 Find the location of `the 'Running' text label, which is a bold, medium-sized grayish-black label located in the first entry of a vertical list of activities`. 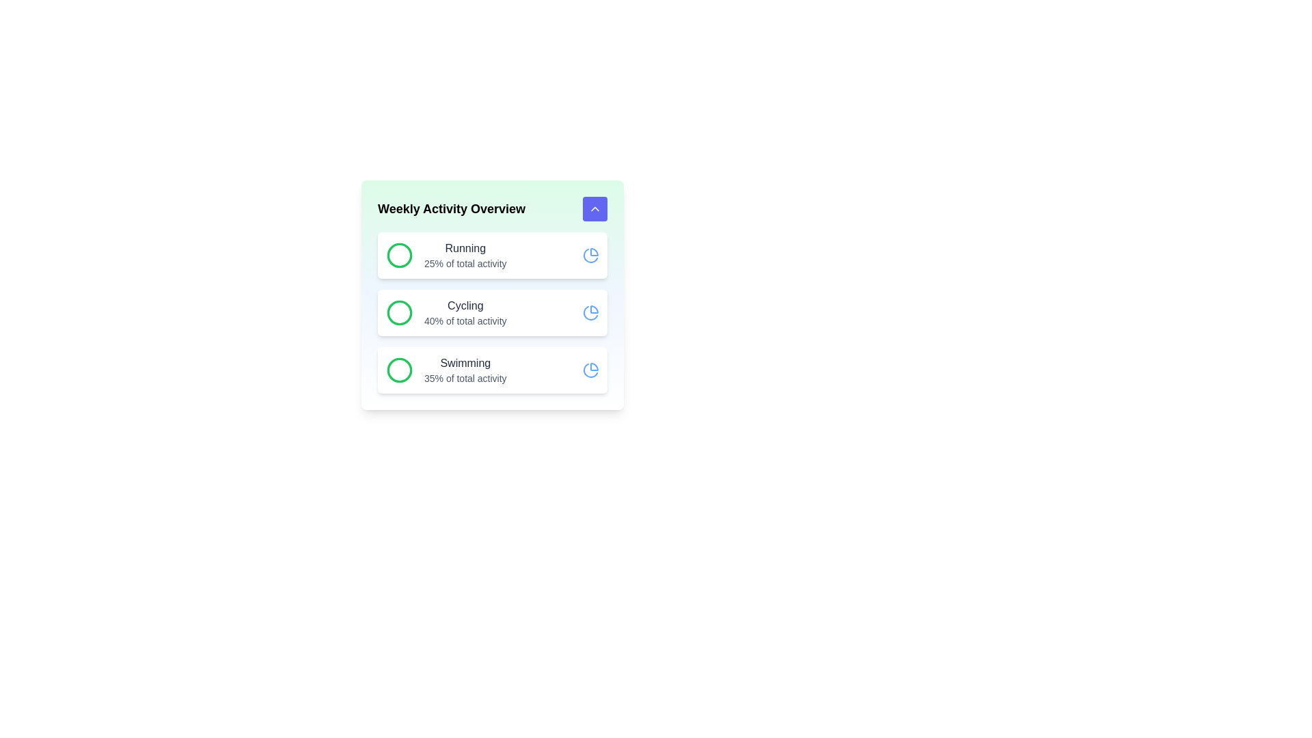

the 'Running' text label, which is a bold, medium-sized grayish-black label located in the first entry of a vertical list of activities is located at coordinates (465, 248).